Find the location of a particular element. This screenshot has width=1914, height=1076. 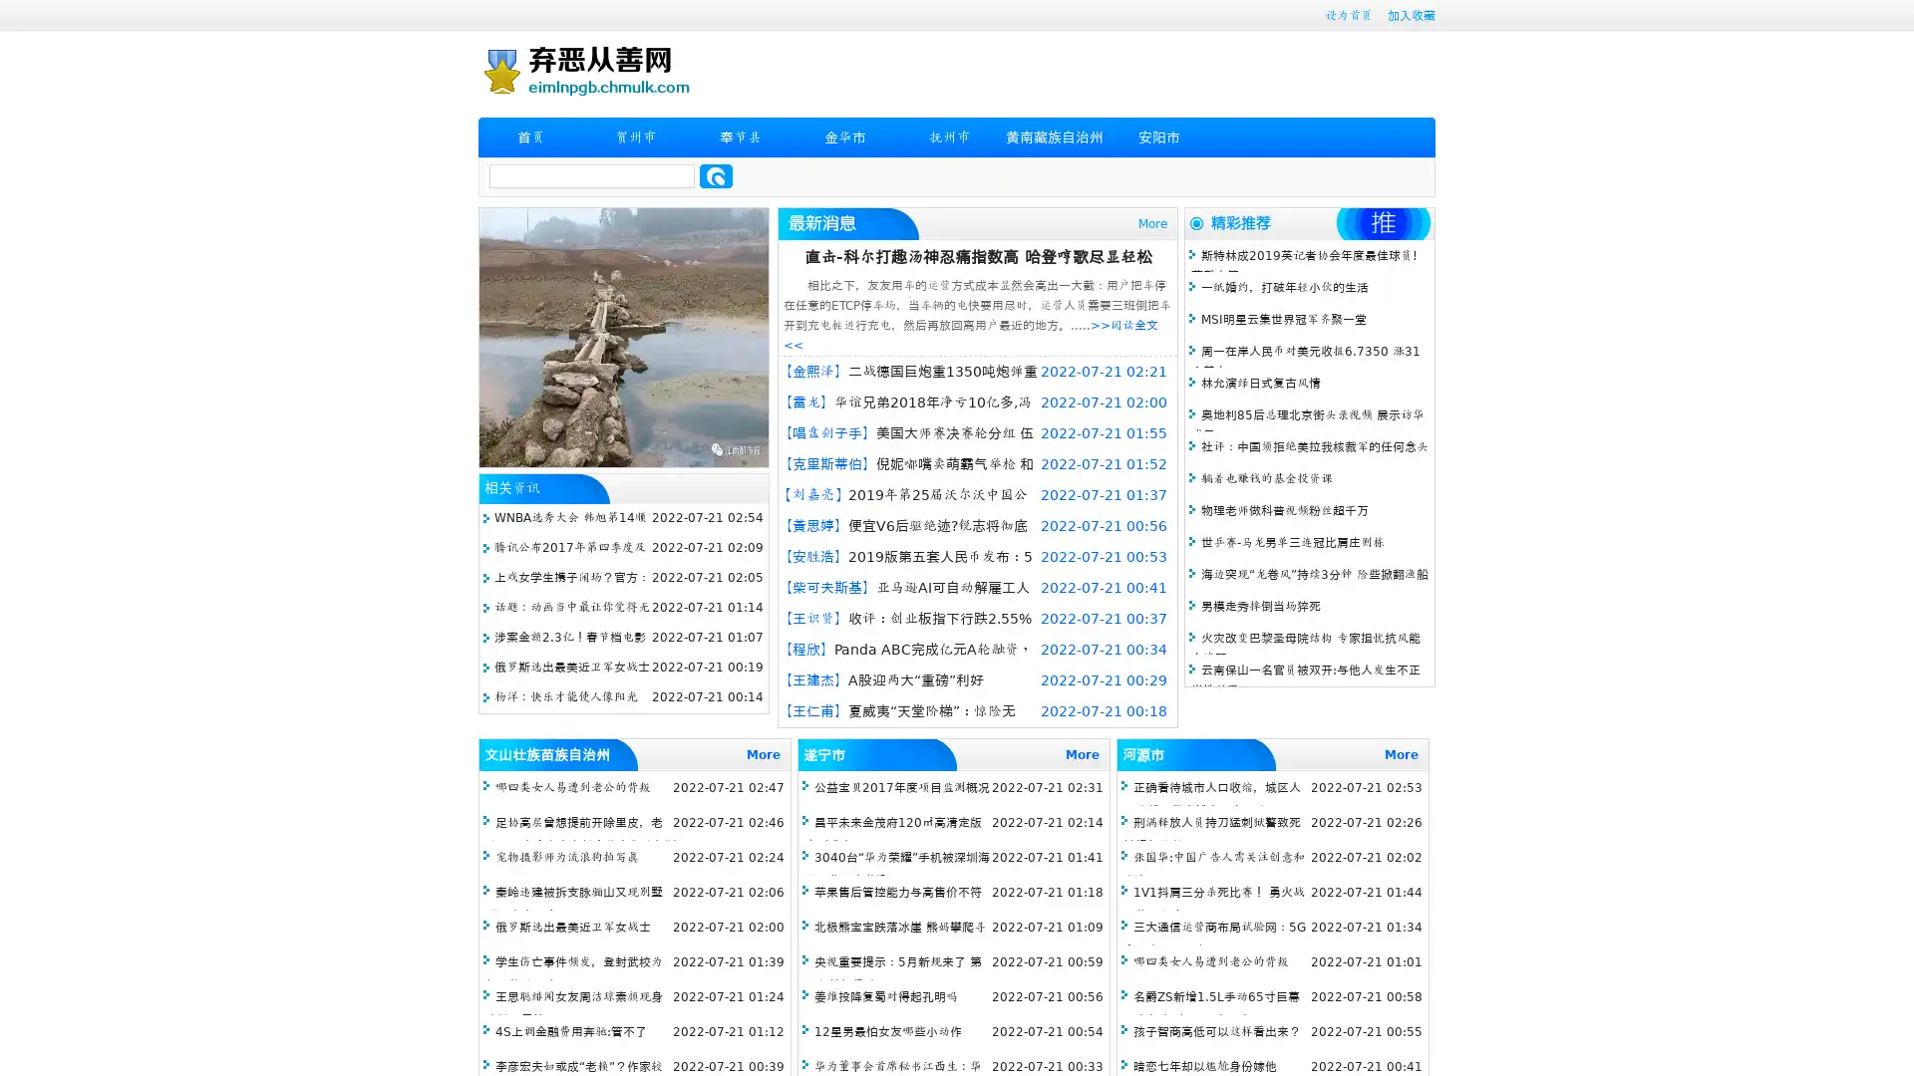

Search is located at coordinates (716, 175).